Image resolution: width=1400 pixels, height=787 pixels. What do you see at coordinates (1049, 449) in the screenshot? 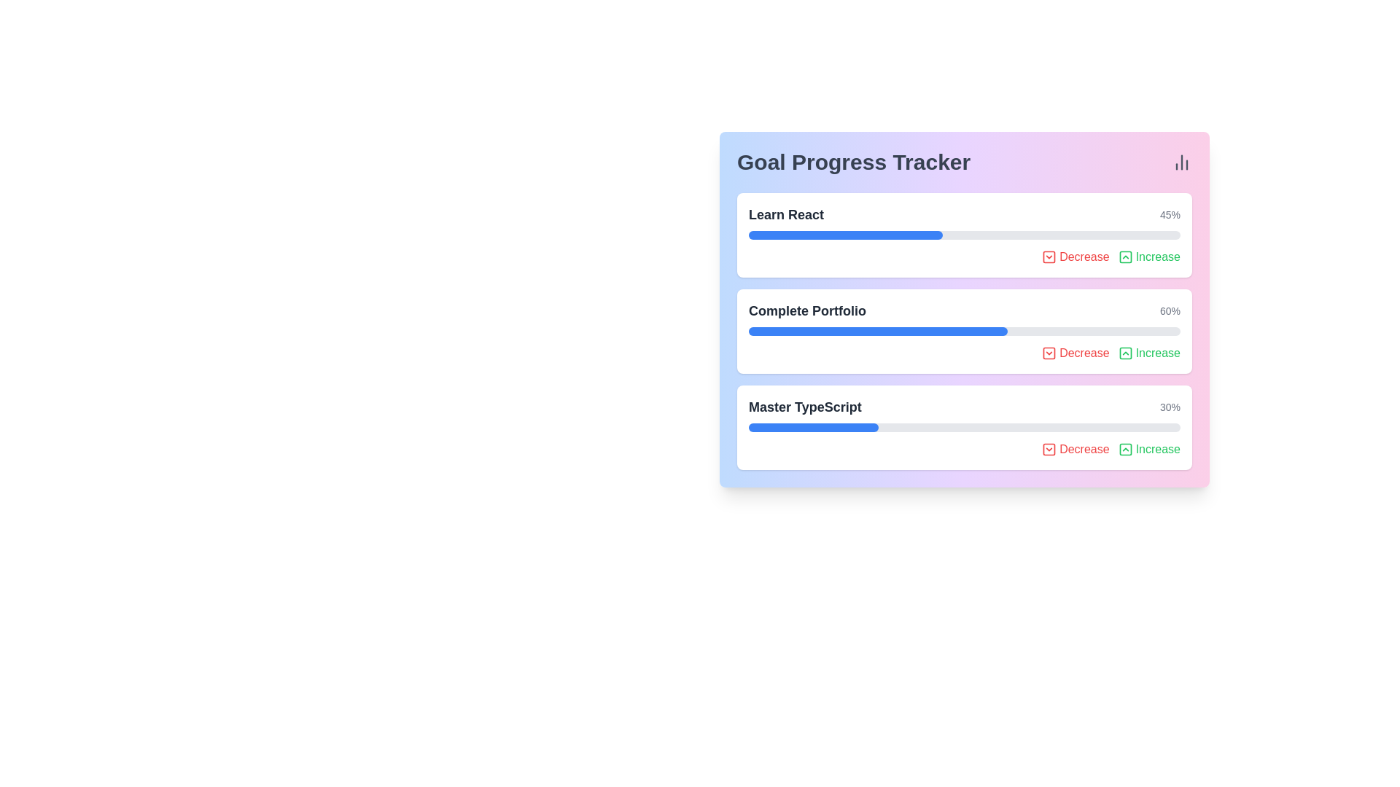
I see `the downward-facing chevron icon within the 'Decrease' button of the third goal entry labeled 'Master TypeScript'` at bounding box center [1049, 449].